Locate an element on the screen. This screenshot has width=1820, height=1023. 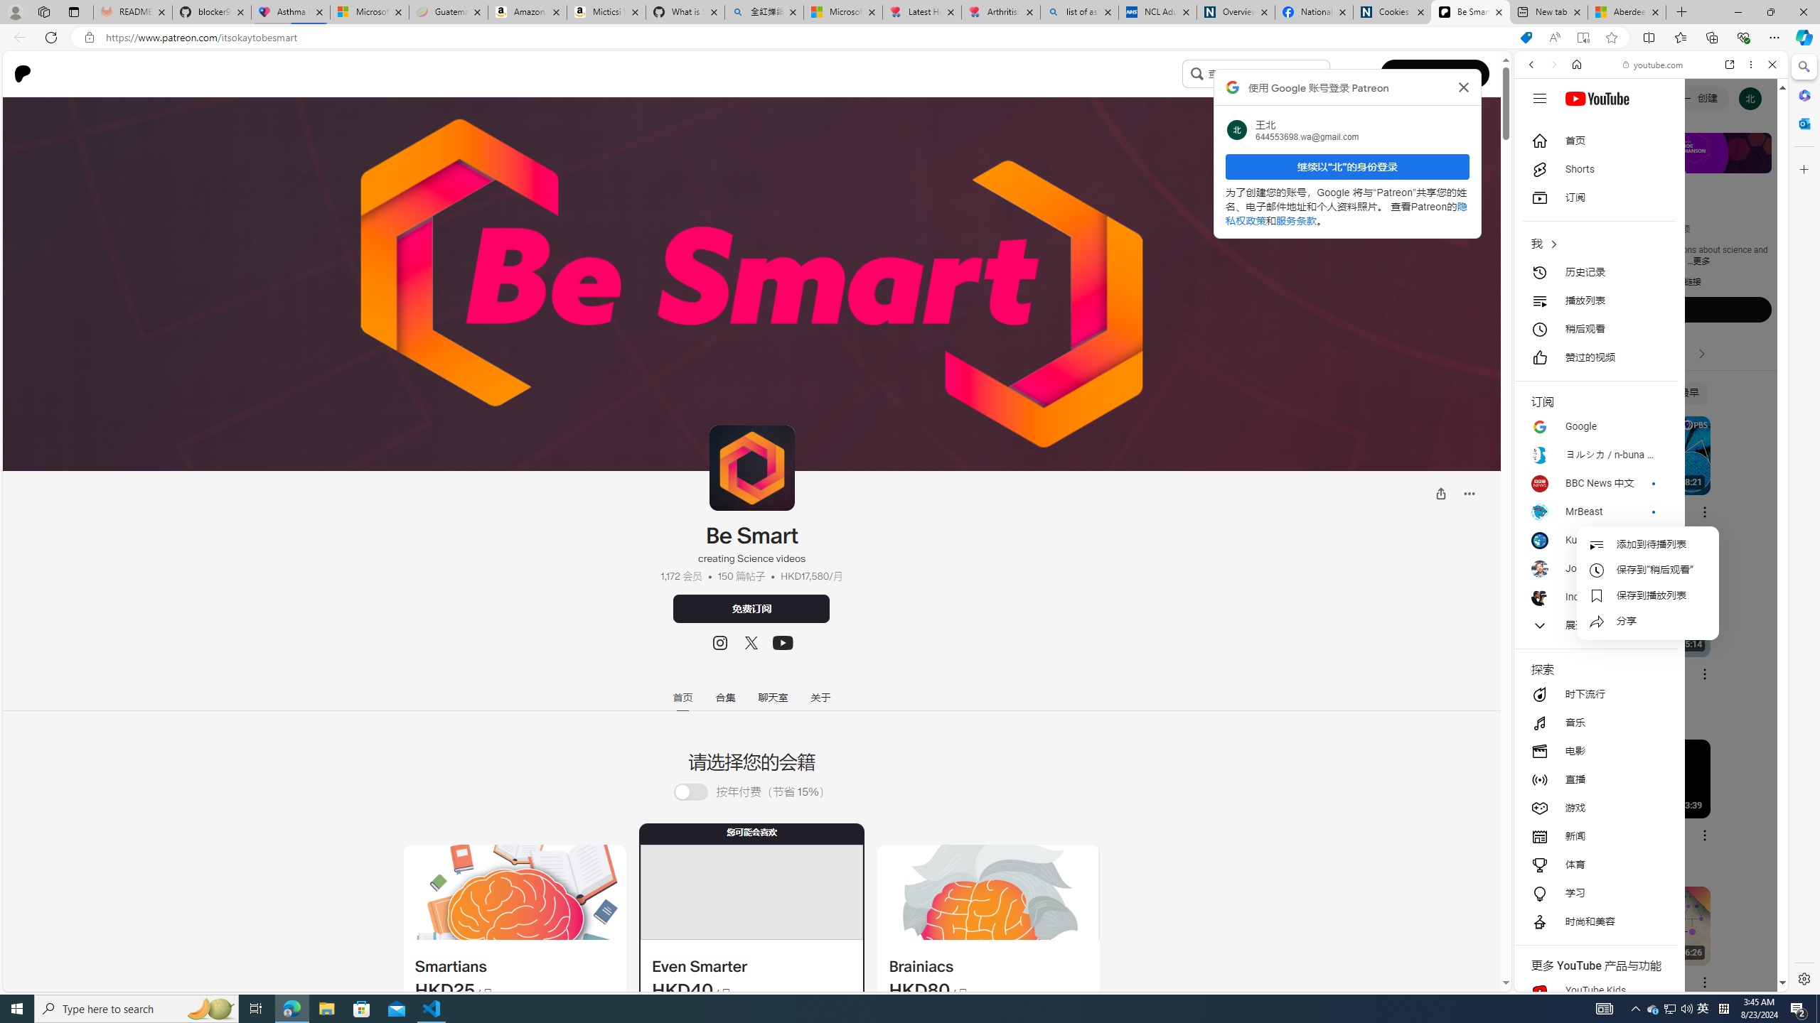
'Search Filter, Search Tools' is located at coordinates (1687, 161).